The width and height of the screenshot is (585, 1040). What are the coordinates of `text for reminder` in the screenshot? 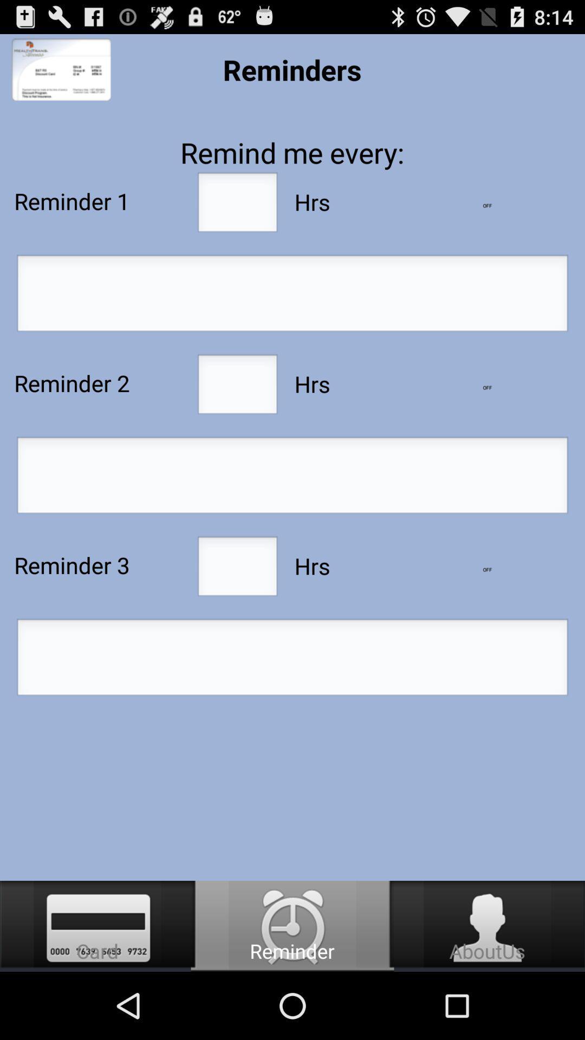 It's located at (292, 478).